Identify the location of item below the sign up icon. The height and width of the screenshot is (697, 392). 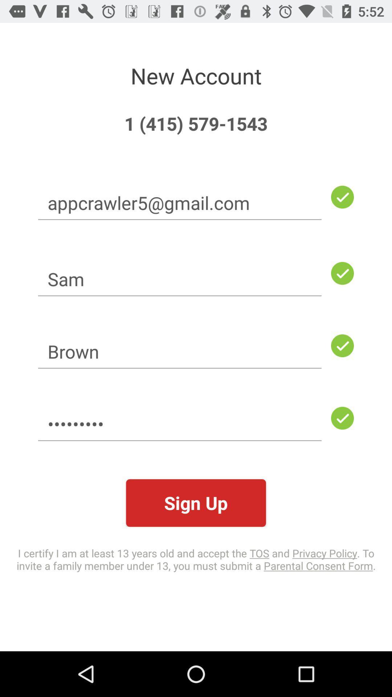
(196, 559).